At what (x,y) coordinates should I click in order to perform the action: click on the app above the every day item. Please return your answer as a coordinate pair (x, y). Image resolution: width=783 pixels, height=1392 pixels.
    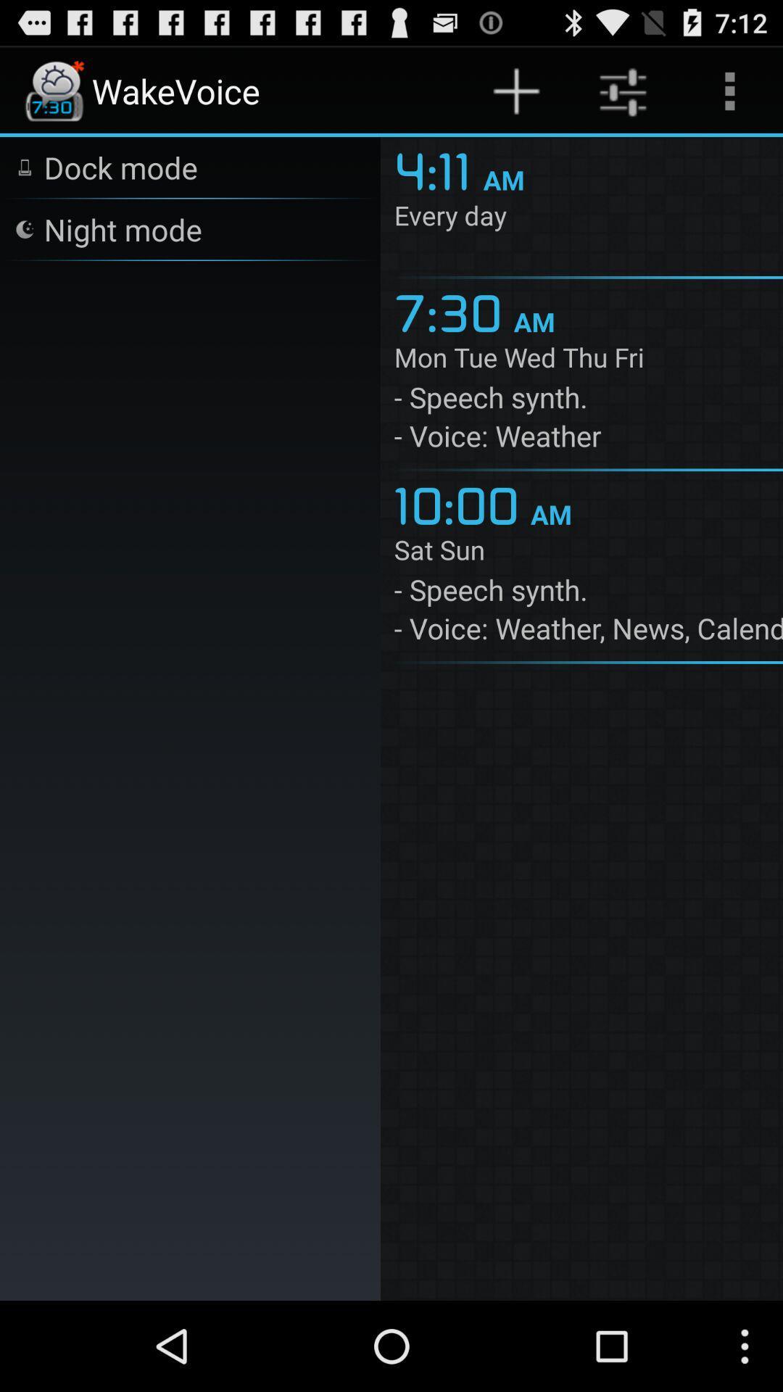
    Looking at the image, I should click on (438, 169).